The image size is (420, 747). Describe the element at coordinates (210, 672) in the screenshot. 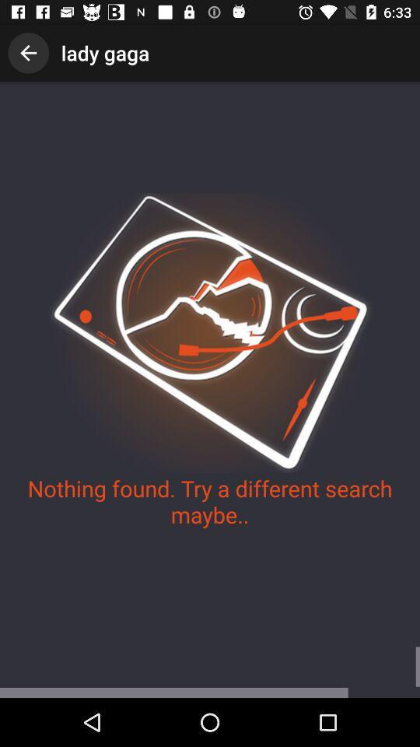

I see `the item below the nothing found try` at that location.